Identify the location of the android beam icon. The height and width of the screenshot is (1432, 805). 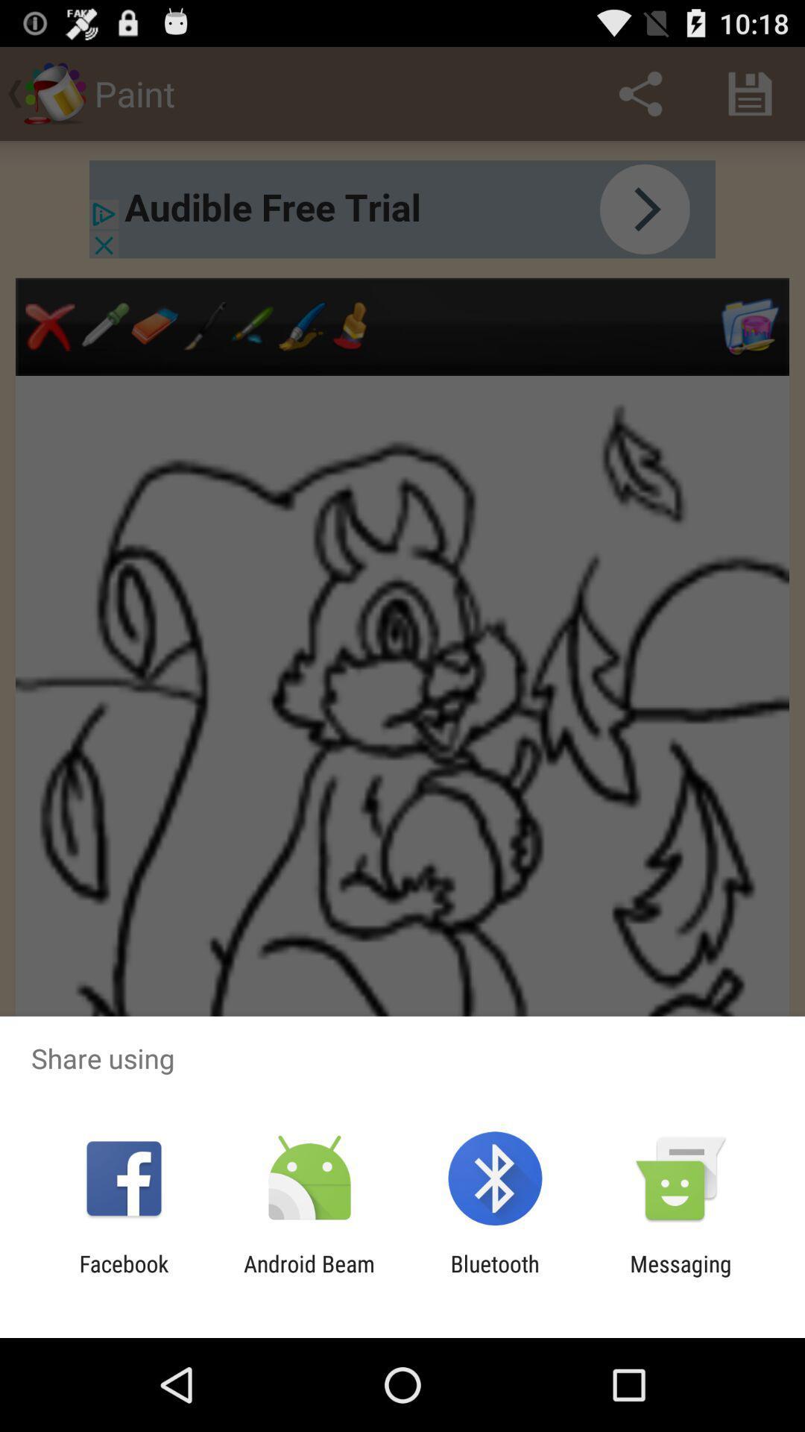
(309, 1276).